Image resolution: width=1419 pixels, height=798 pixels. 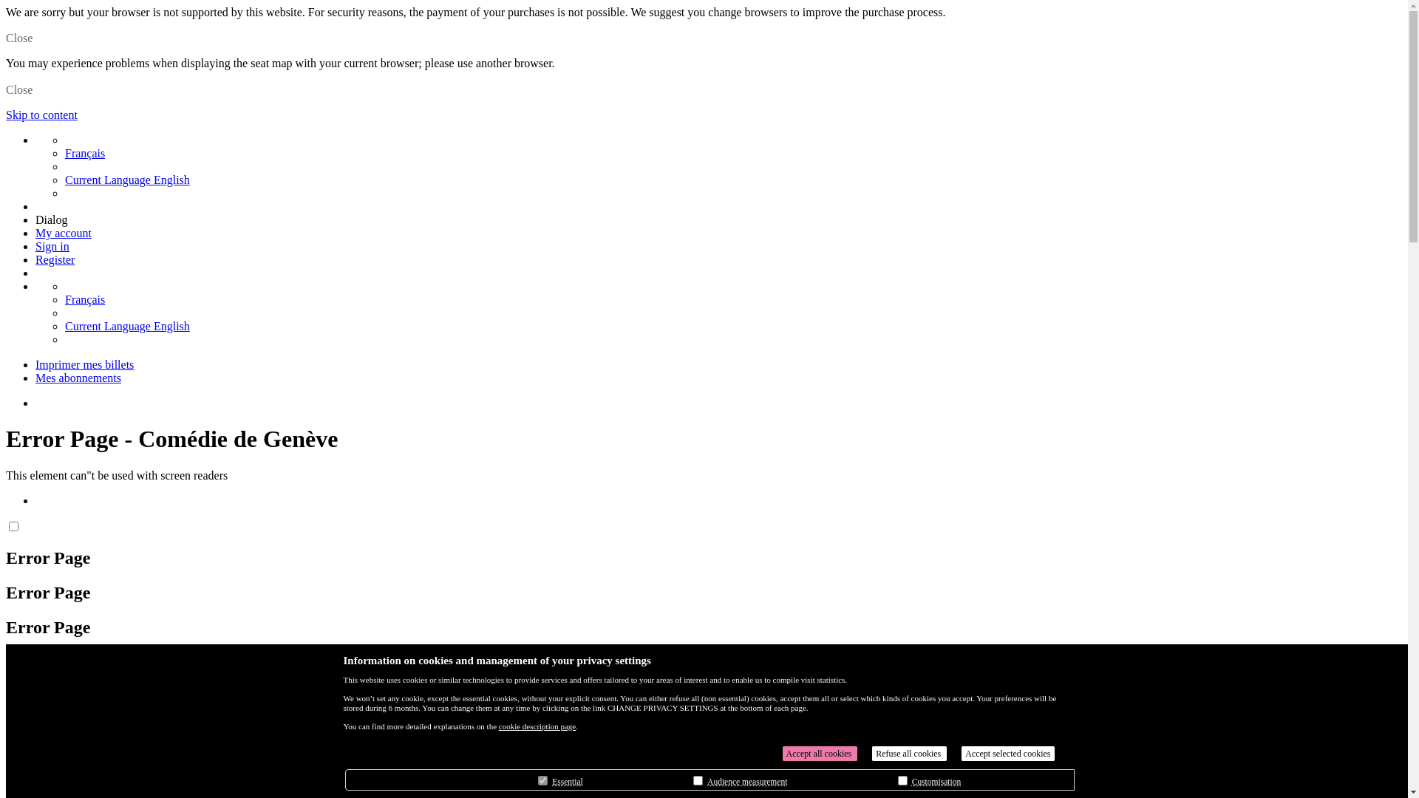 What do you see at coordinates (84, 364) in the screenshot?
I see `'Imprimer mes billets'` at bounding box center [84, 364].